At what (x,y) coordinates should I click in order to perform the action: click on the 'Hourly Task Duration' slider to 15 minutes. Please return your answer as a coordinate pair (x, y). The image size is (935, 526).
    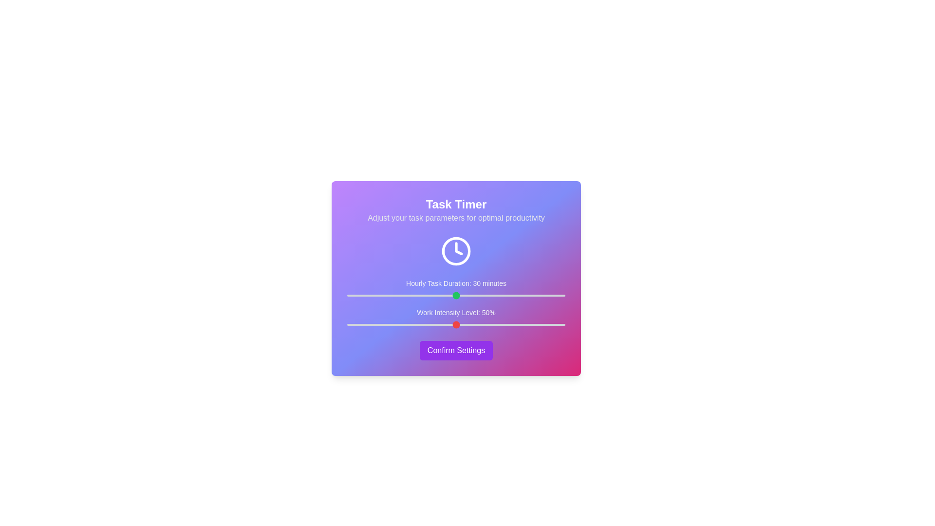
    Looking at the image, I should click on (402, 295).